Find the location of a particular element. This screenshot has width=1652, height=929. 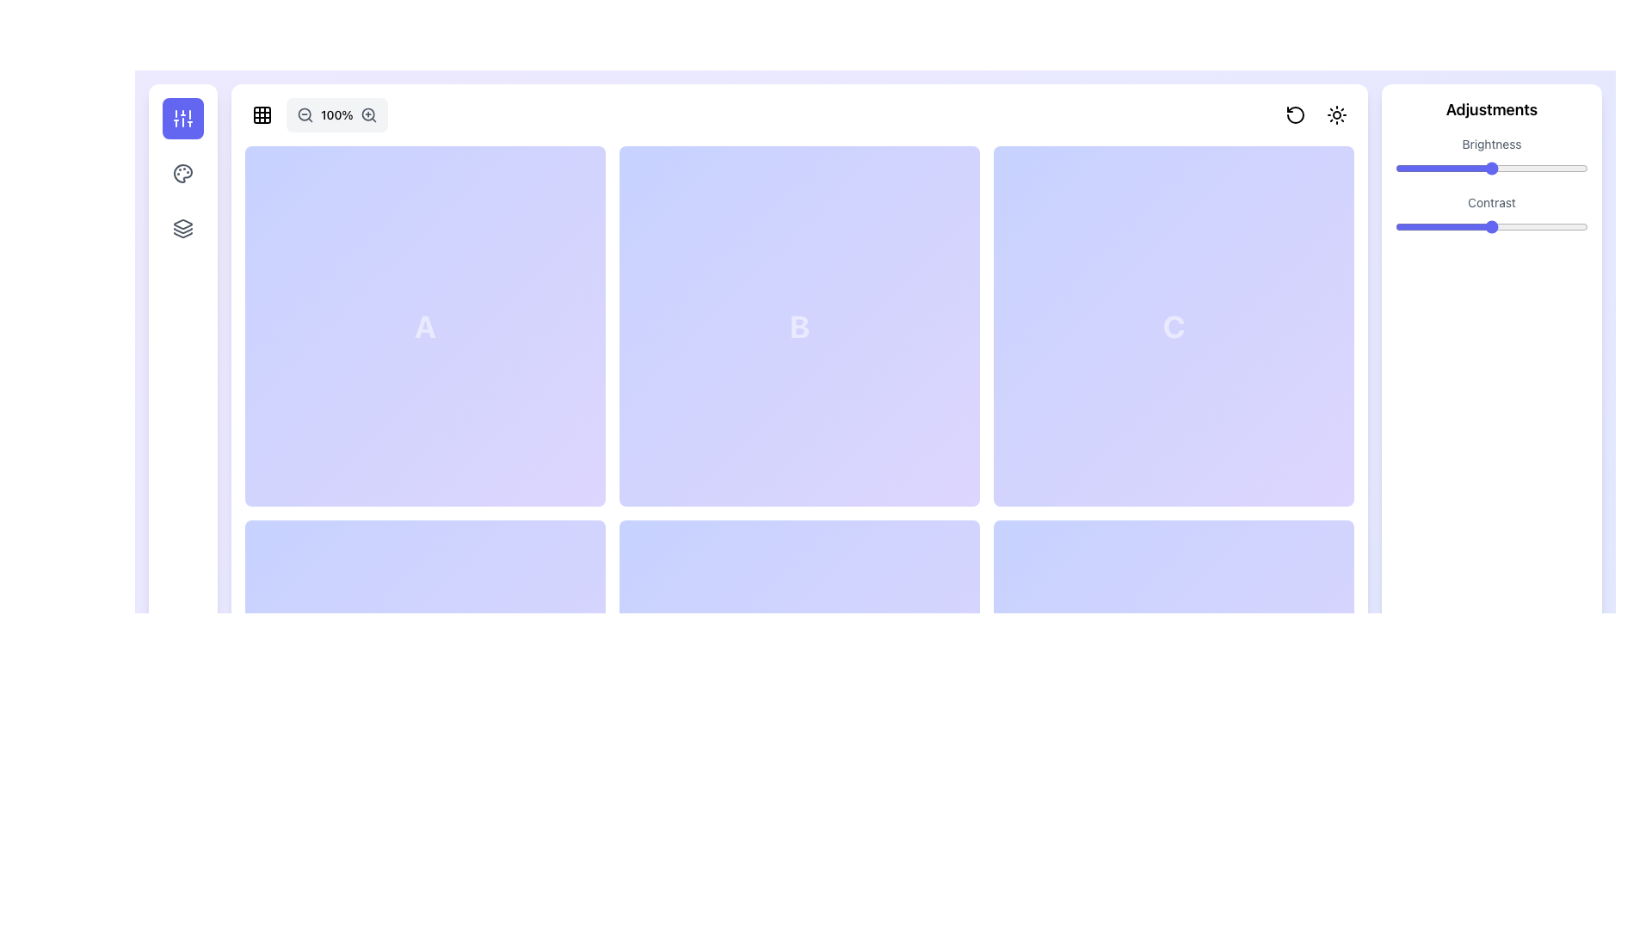

the third triangular icon in the left vertical toolbar, situated below the palette icon and above the grid-like sections A to C, to interact with the layering or stacking functionality is located at coordinates (182, 235).